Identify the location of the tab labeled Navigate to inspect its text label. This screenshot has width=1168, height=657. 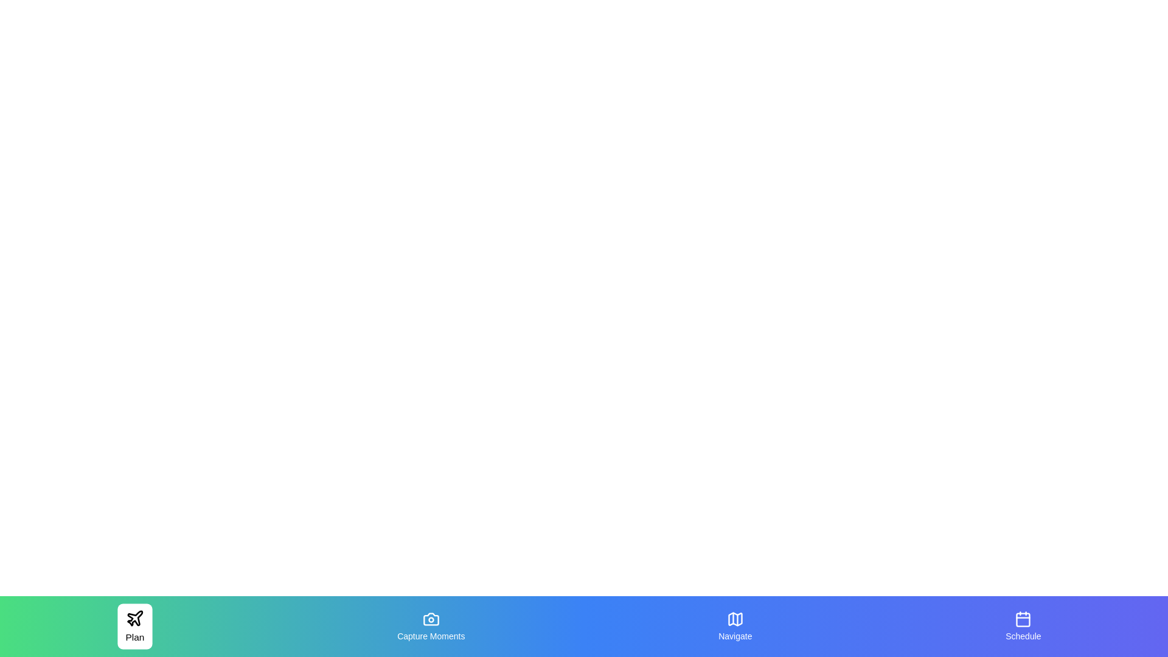
(734, 626).